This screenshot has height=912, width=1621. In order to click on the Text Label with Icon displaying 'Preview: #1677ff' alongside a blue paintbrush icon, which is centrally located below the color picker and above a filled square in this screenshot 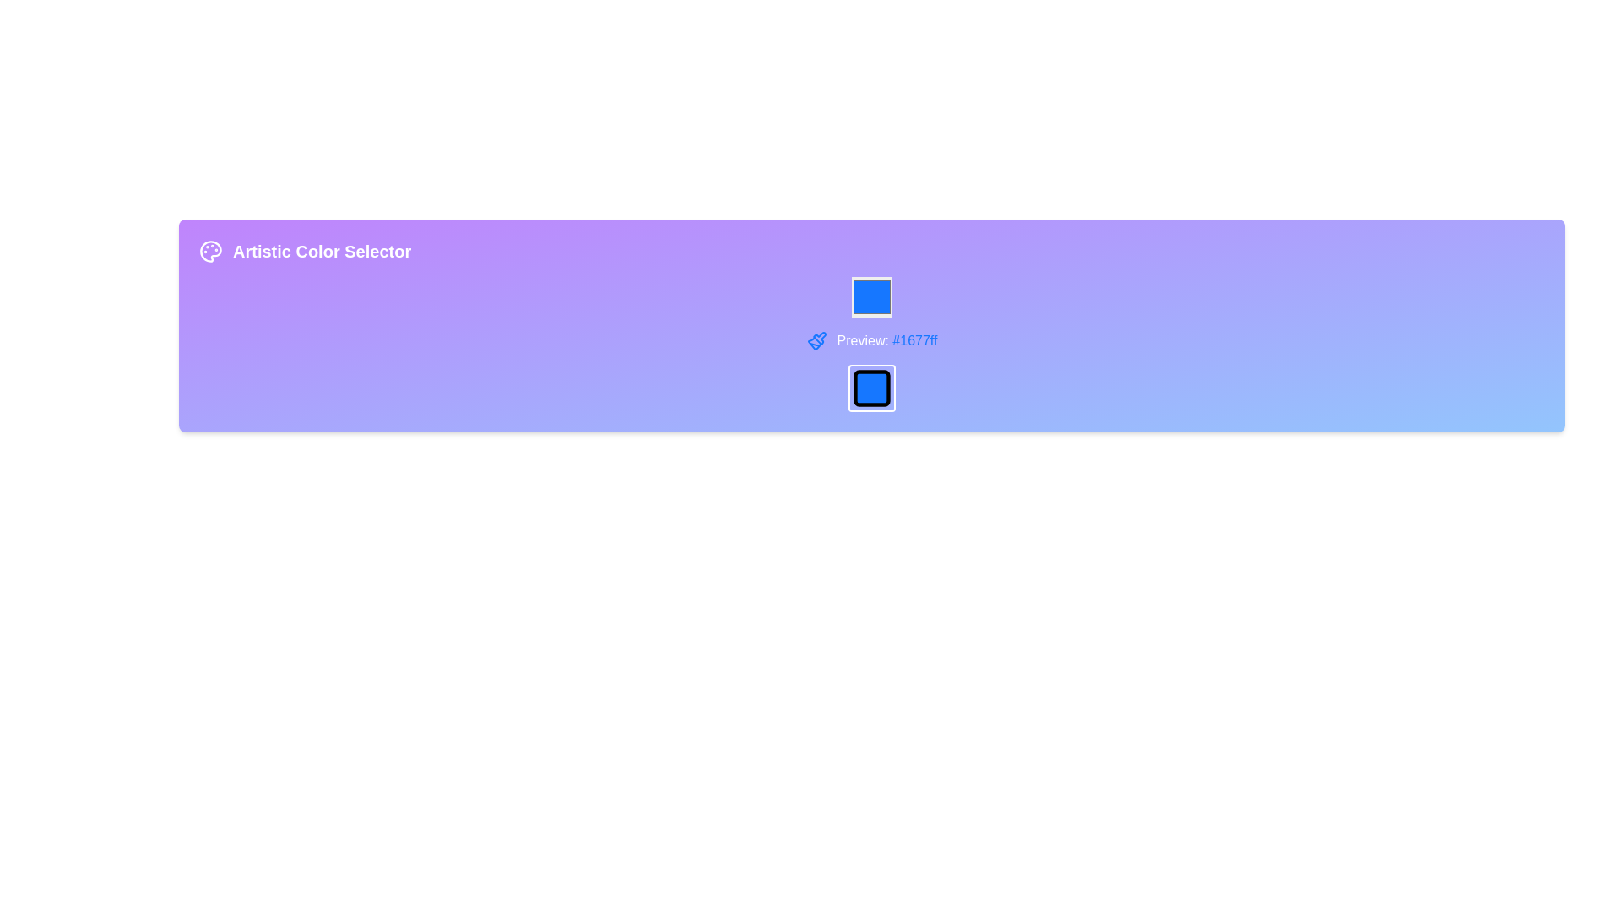, I will do `click(871, 341)`.